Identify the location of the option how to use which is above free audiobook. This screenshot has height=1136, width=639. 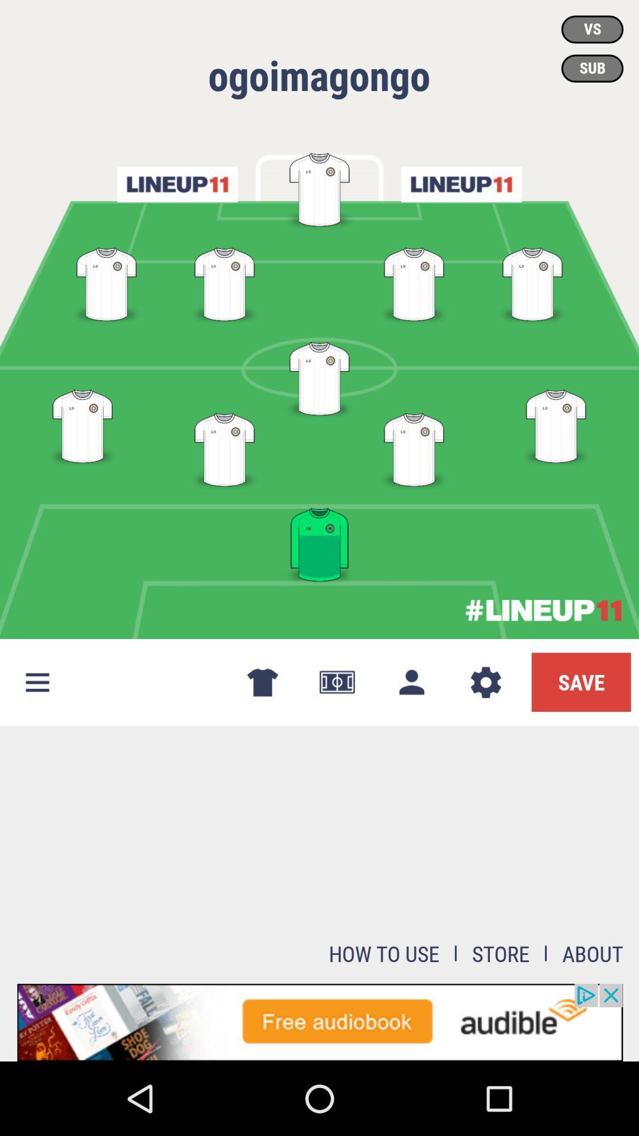
(384, 954).